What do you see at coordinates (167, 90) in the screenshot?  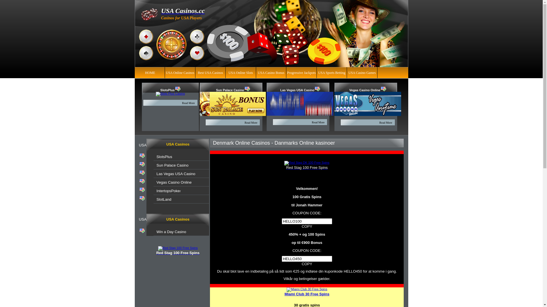 I see `'SlotsPlus'` at bounding box center [167, 90].